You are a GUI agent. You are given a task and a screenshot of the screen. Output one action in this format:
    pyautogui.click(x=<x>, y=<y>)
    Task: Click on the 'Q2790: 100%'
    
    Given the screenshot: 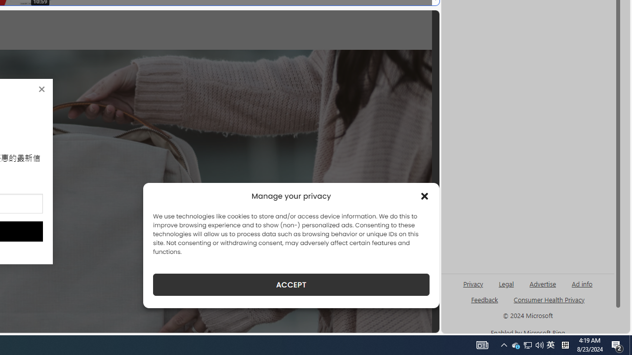 What is the action you would take?
    pyautogui.click(x=539, y=344)
    